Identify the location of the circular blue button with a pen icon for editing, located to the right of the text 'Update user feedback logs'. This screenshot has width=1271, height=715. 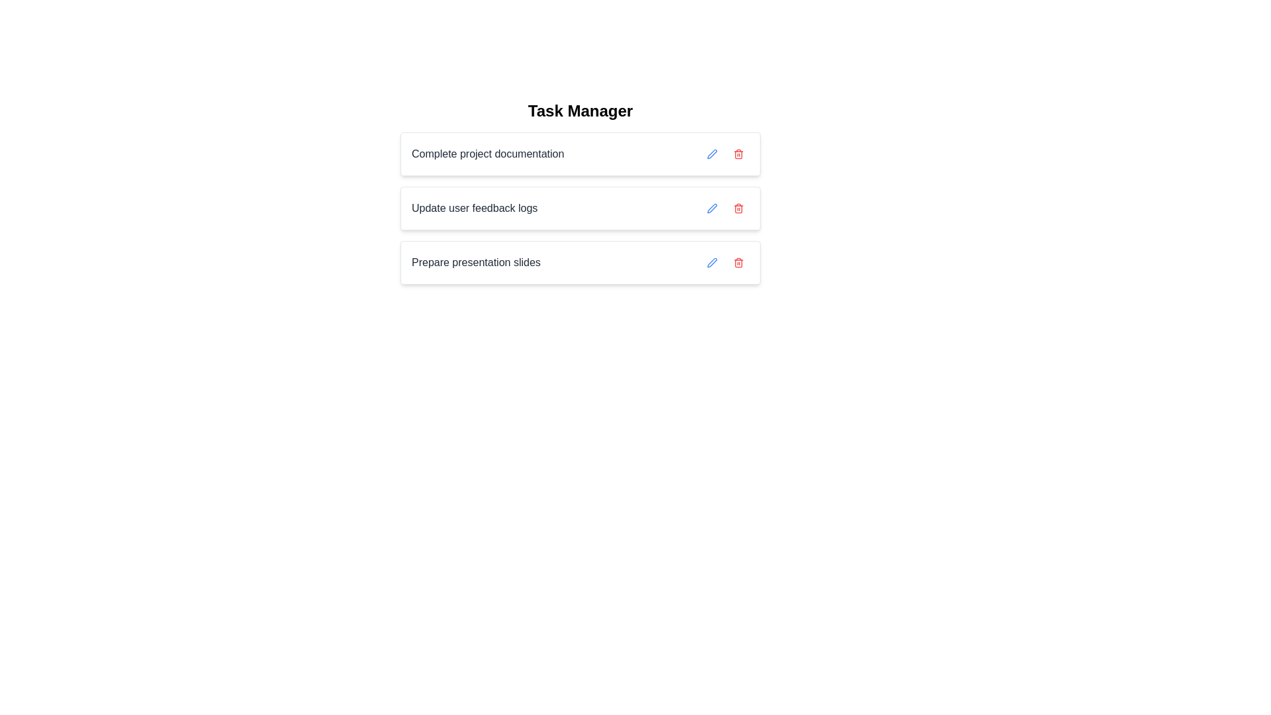
(711, 209).